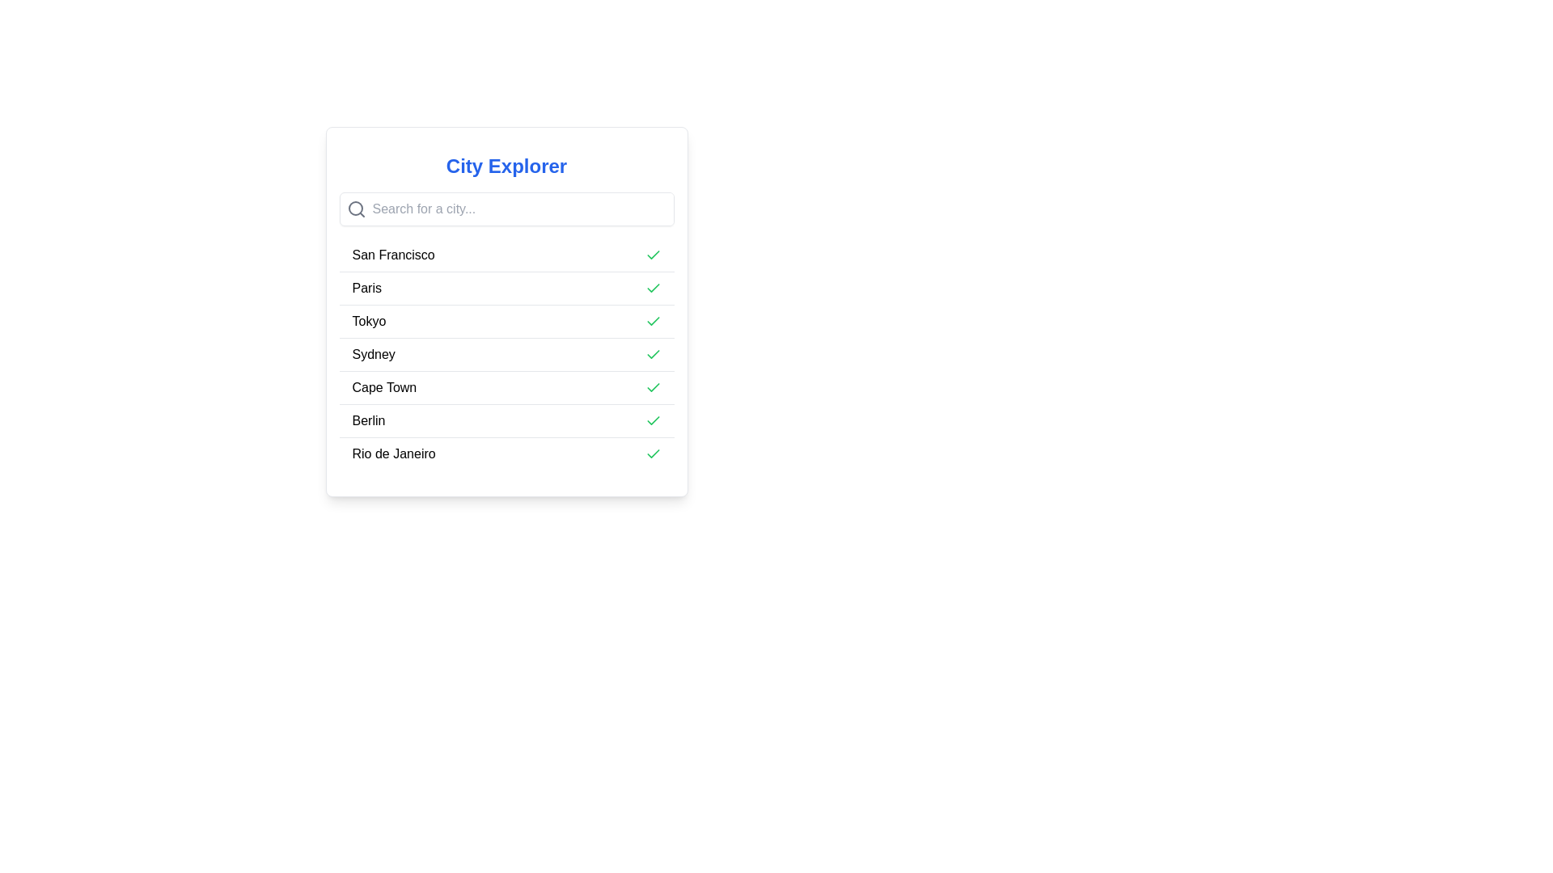 The image size is (1553, 873). What do you see at coordinates (394, 454) in the screenshot?
I see `the text label 'Rio de Janeiro' located at the seventh position in the dropdown menu` at bounding box center [394, 454].